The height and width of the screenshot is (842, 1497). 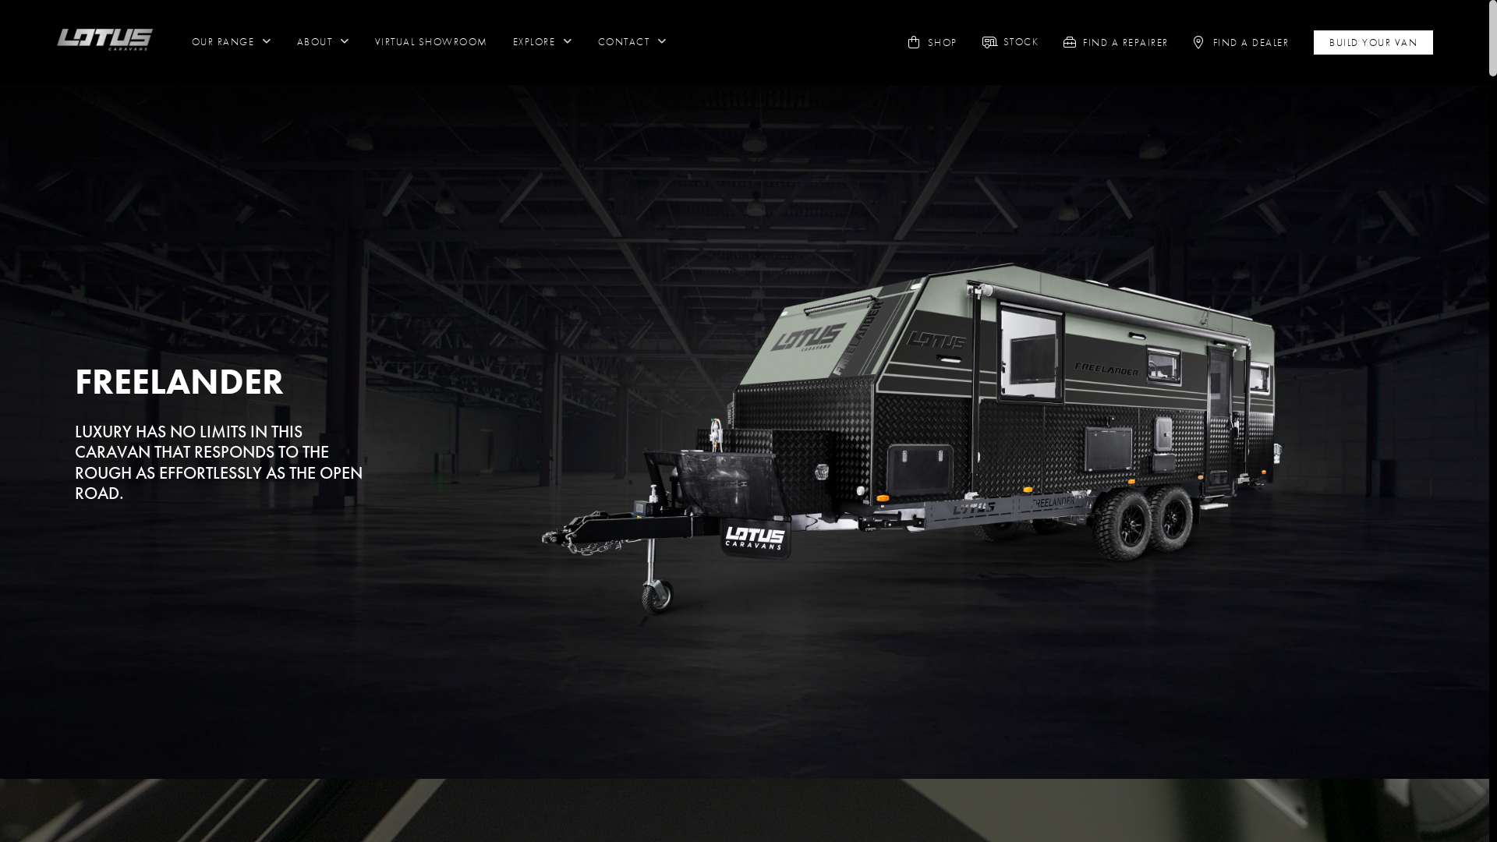 I want to click on 'CONTACT', so click(x=632, y=41).